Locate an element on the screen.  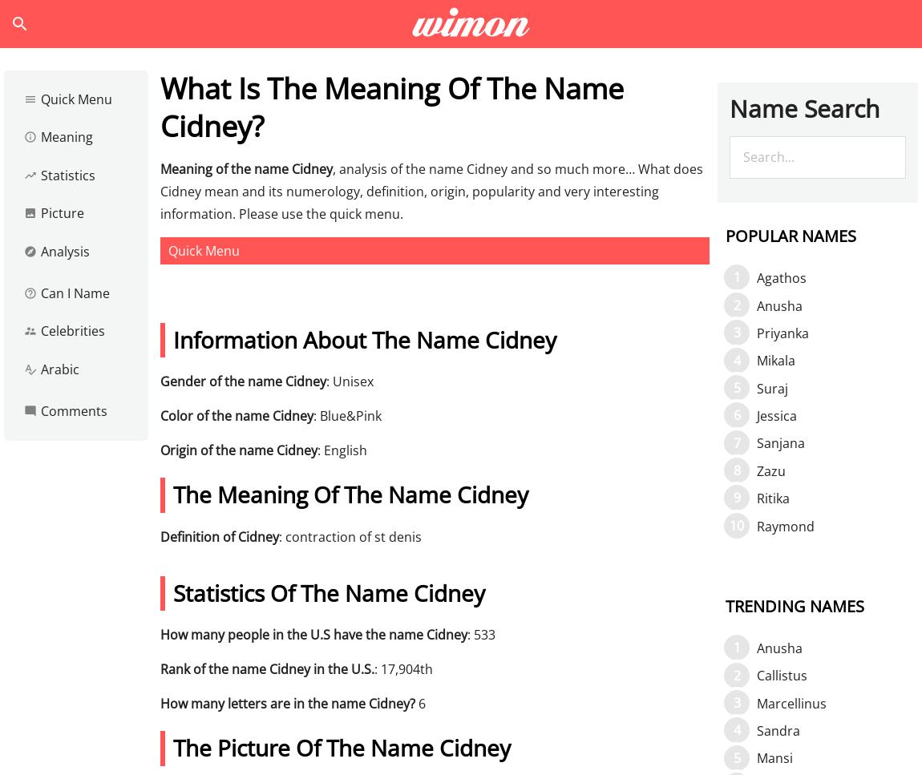
'Ritika' is located at coordinates (773, 498).